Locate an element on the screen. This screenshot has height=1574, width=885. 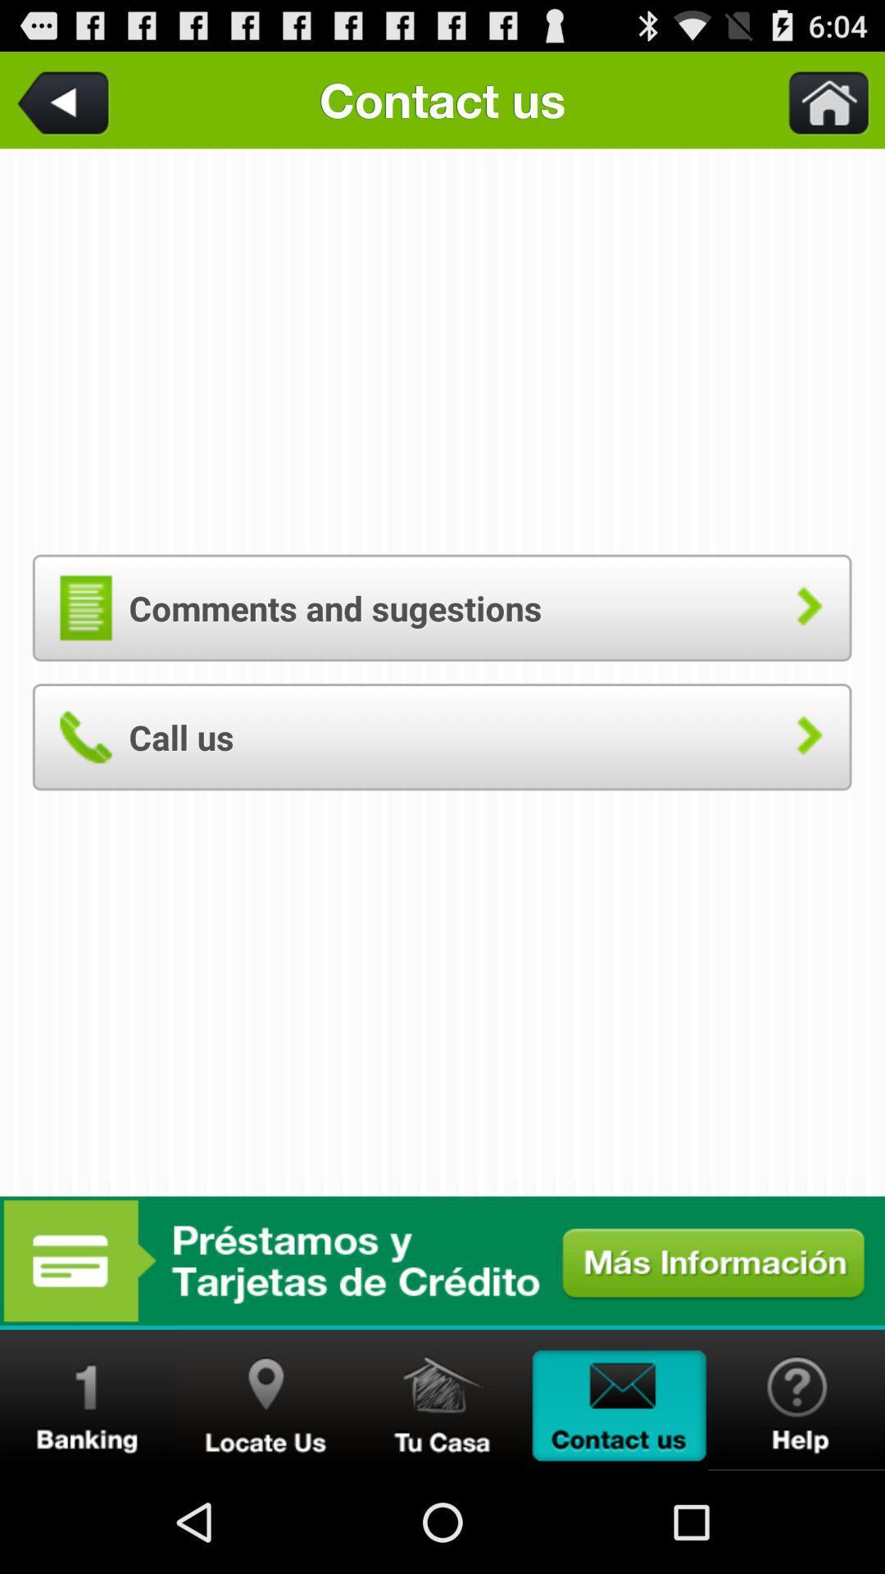
locate us option is located at coordinates (265, 1399).